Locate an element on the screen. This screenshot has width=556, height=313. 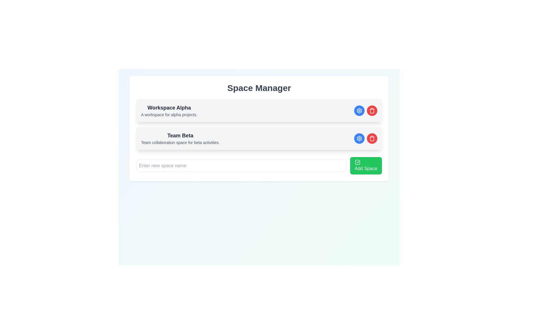
the text label 'Workspace Alpha' that serves as a title for the workspace, located at the top-left corner of the first card under the 'Space Manager' header is located at coordinates (169, 108).